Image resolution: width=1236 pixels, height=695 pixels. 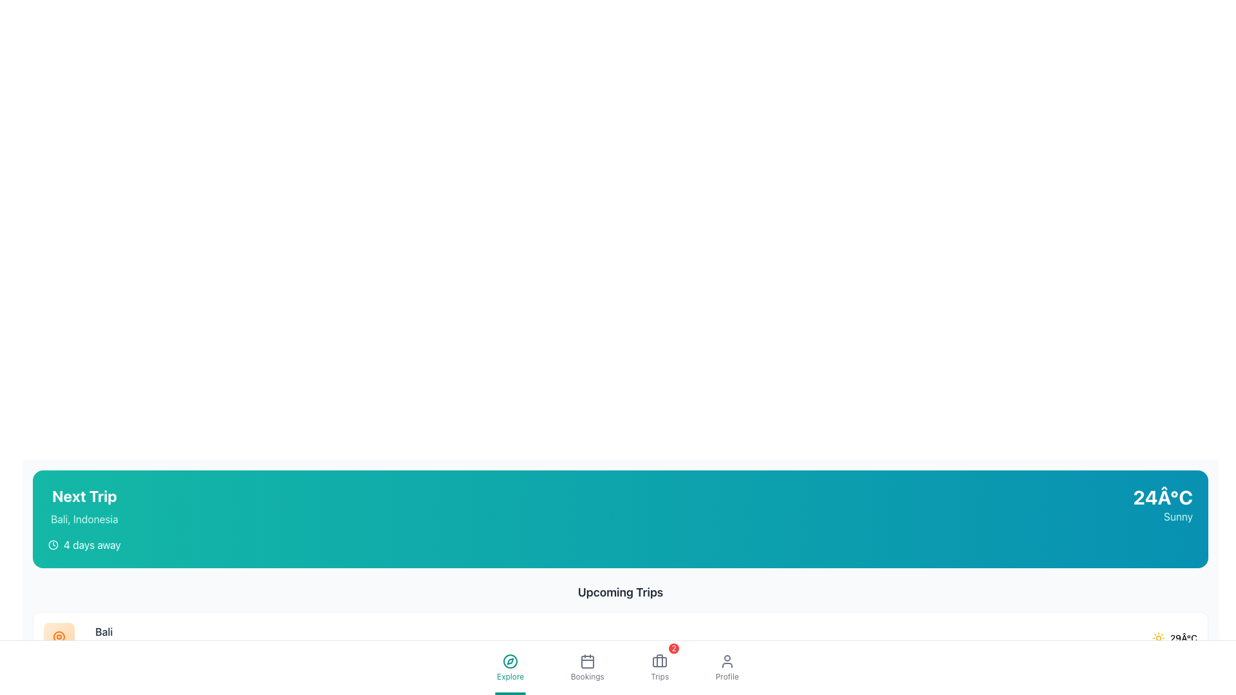 What do you see at coordinates (727, 662) in the screenshot?
I see `the 'Profile' icon located in the bottom navigation bar, which is the rightmost icon among five, to trigger a visual change or tooltip` at bounding box center [727, 662].